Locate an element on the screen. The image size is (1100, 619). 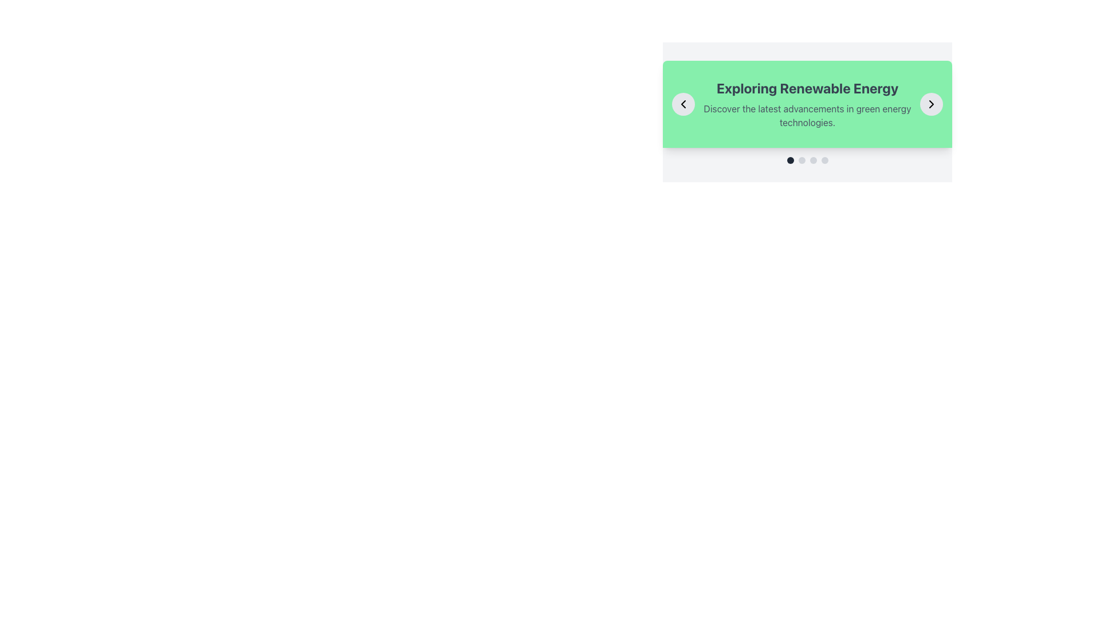
the navigation icon located within the rightmost button of the carousel to advance to the next item is located at coordinates (932, 104).